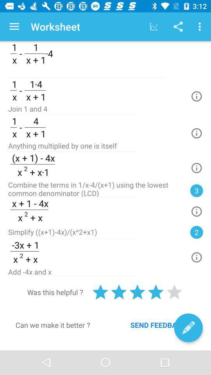 This screenshot has width=211, height=375. Describe the element at coordinates (188, 328) in the screenshot. I see `the edit icon` at that location.